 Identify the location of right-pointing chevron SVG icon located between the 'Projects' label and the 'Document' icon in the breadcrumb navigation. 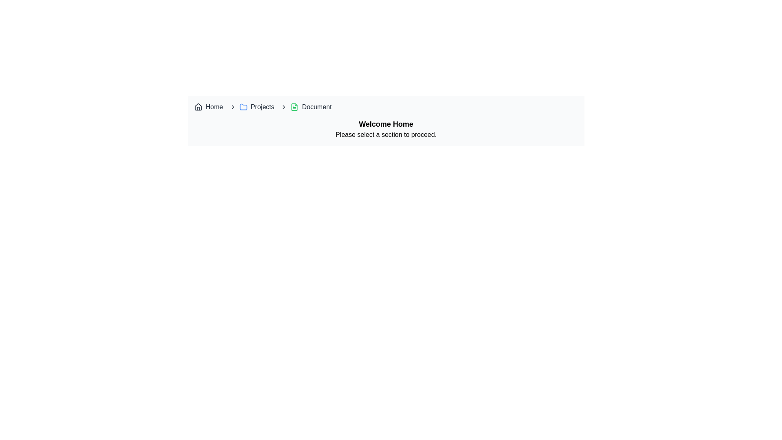
(284, 106).